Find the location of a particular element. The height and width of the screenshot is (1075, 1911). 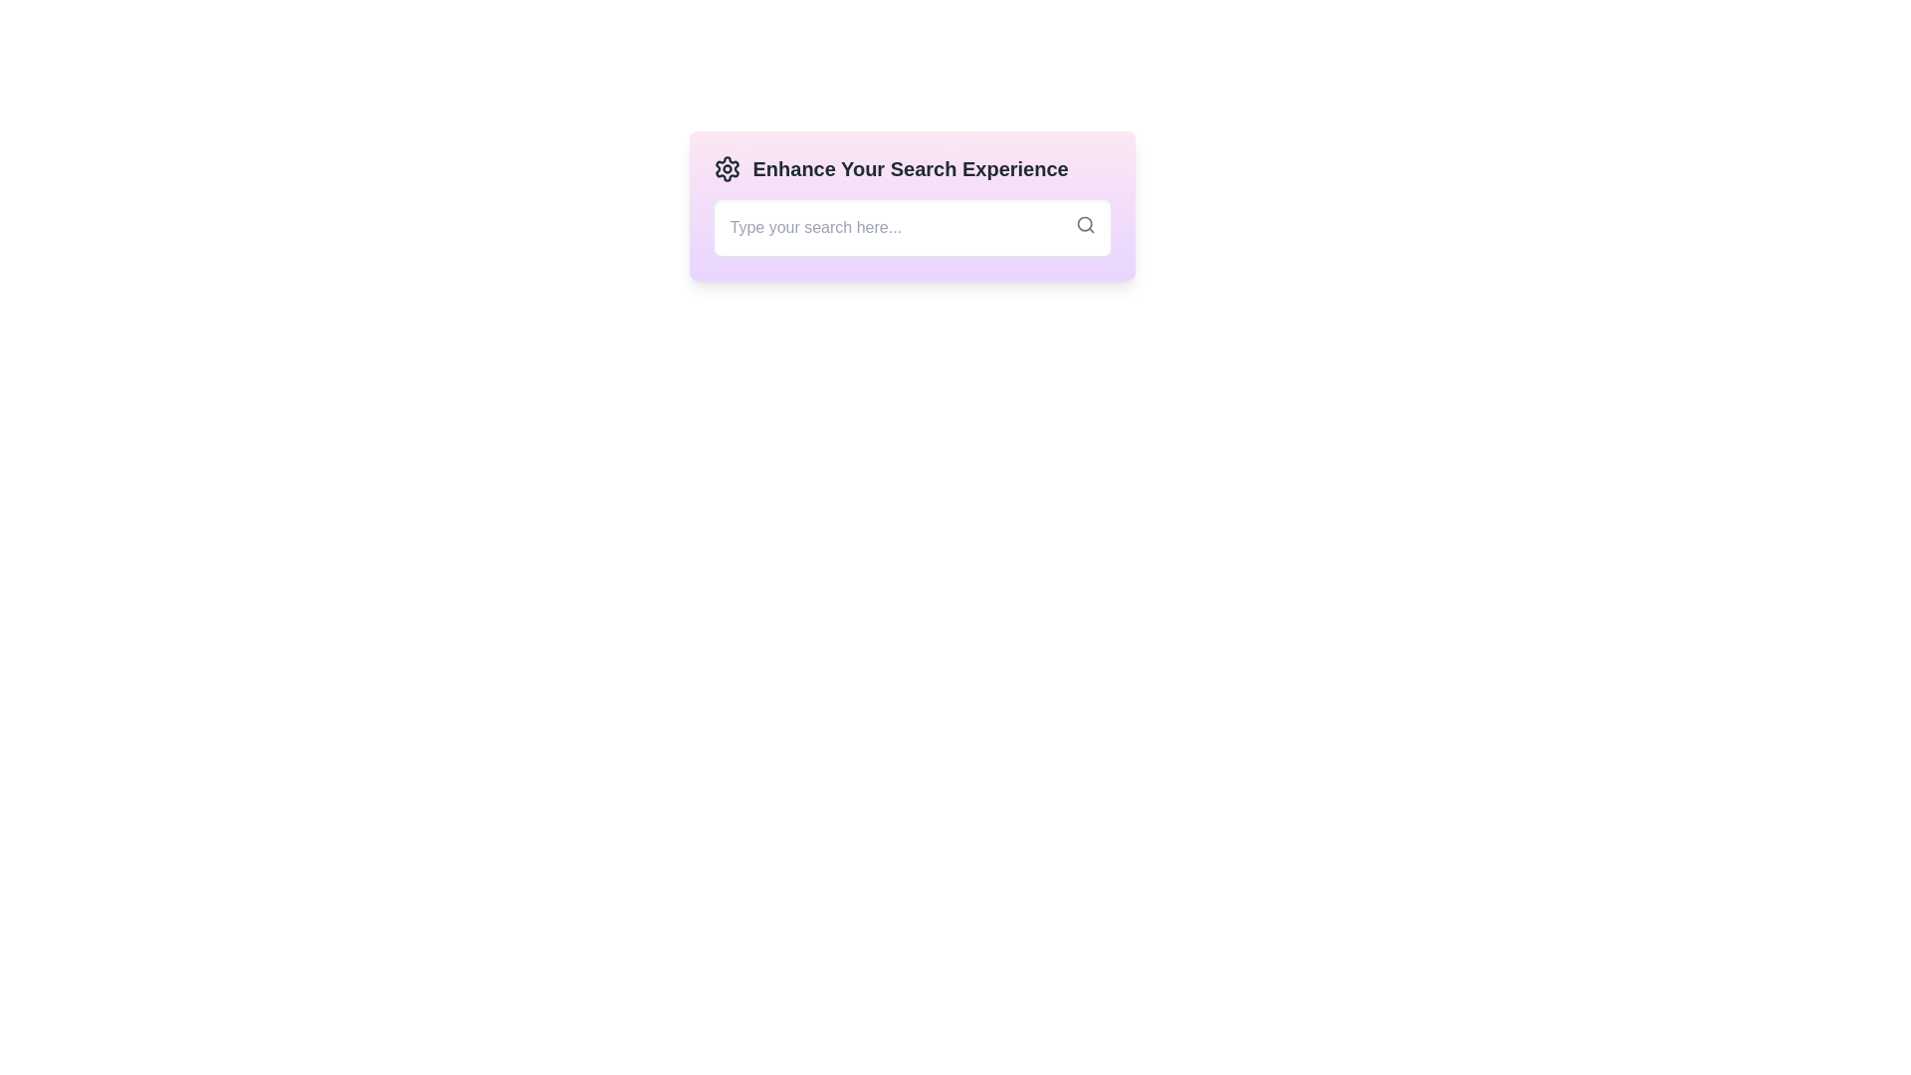

the settings or customization icon located at the leftmost position before the text 'Enhance Your Search Experience' is located at coordinates (726, 167).